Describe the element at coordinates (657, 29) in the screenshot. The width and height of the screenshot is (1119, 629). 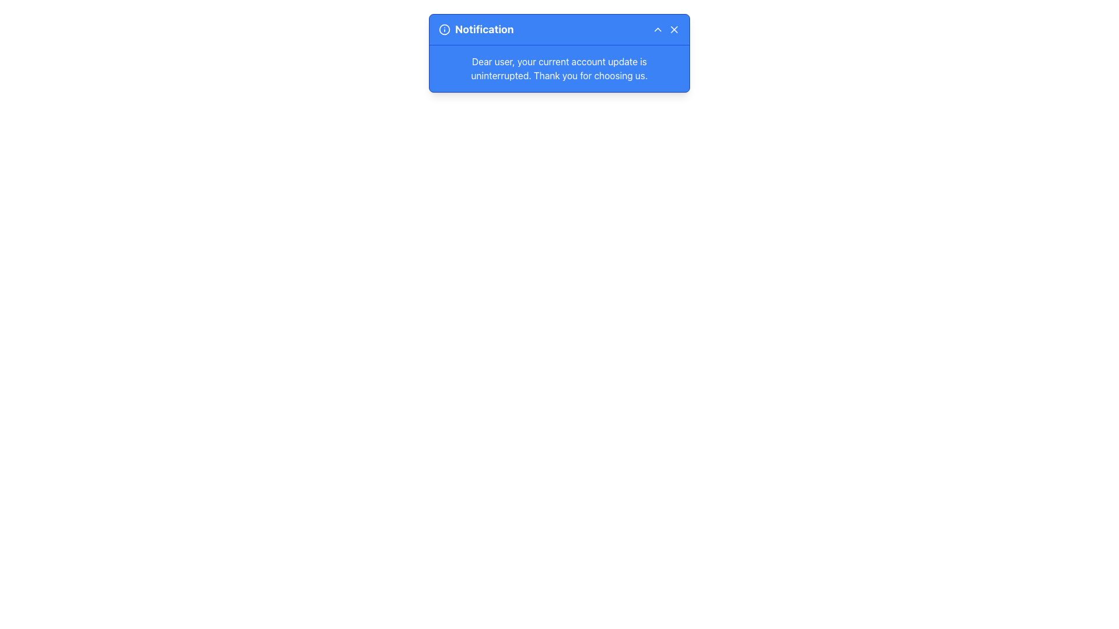
I see `the interactive icon in the top-right area of the blue notification modal to receive visual feedback` at that location.